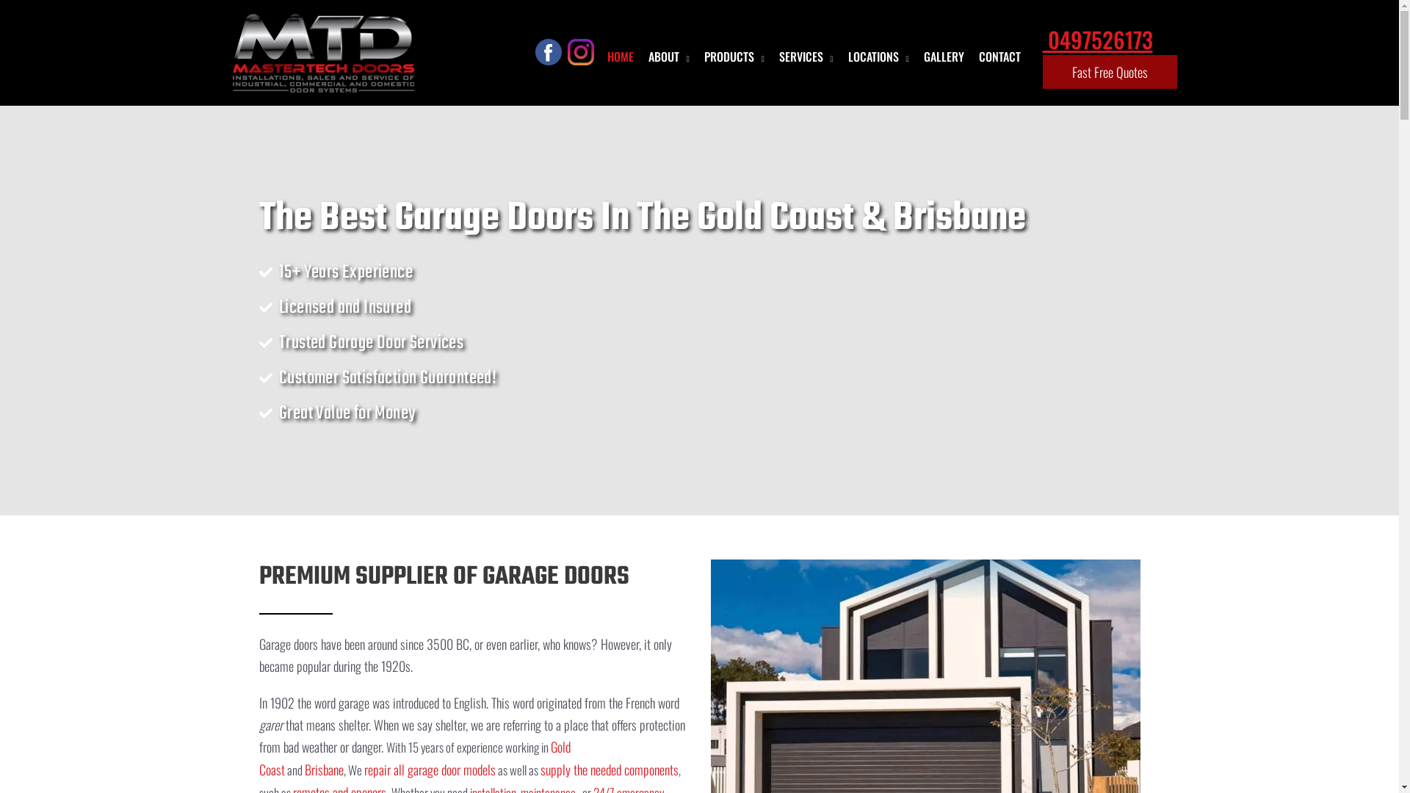 This screenshot has width=1410, height=793. I want to click on 'HOME', so click(620, 52).